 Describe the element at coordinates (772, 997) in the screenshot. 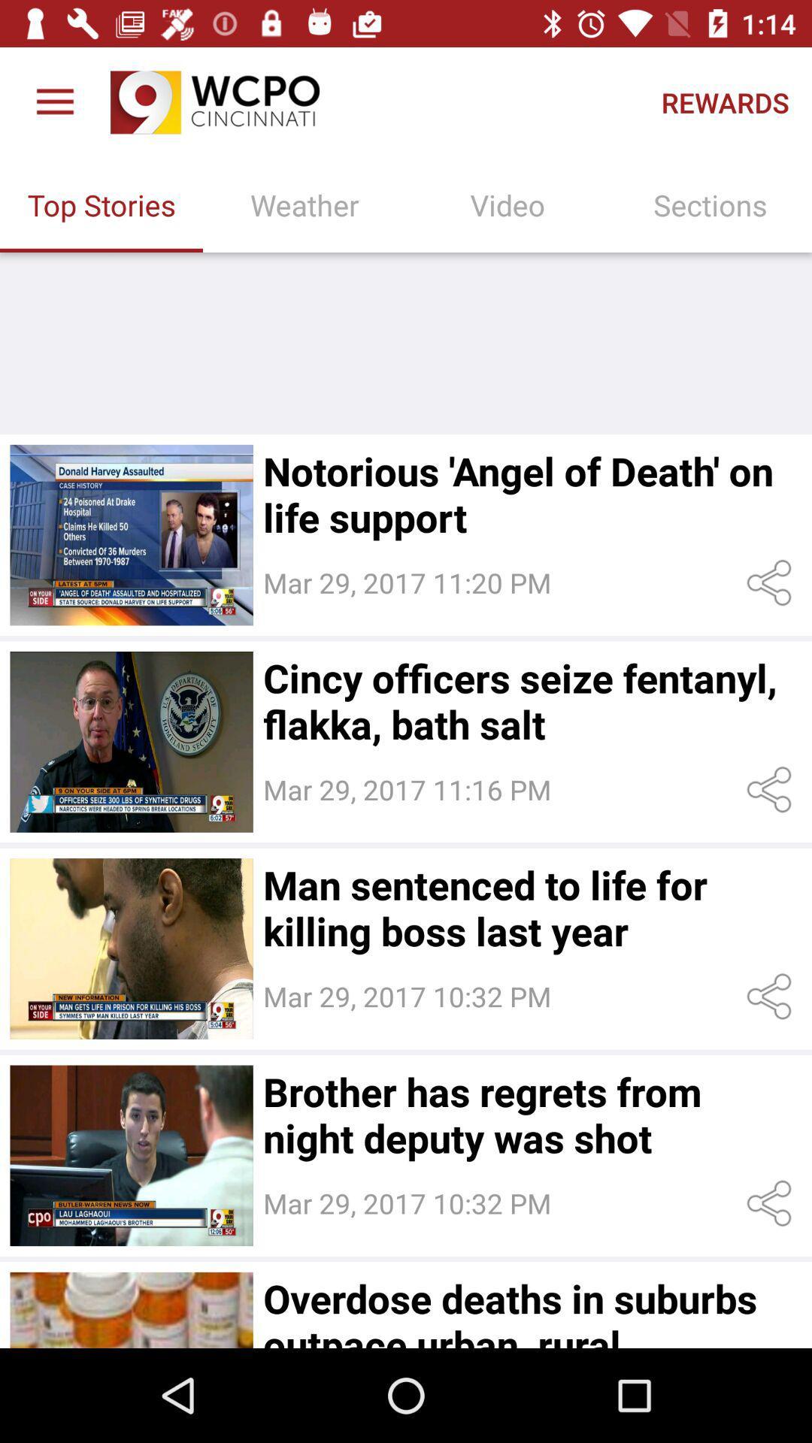

I see `share` at that location.